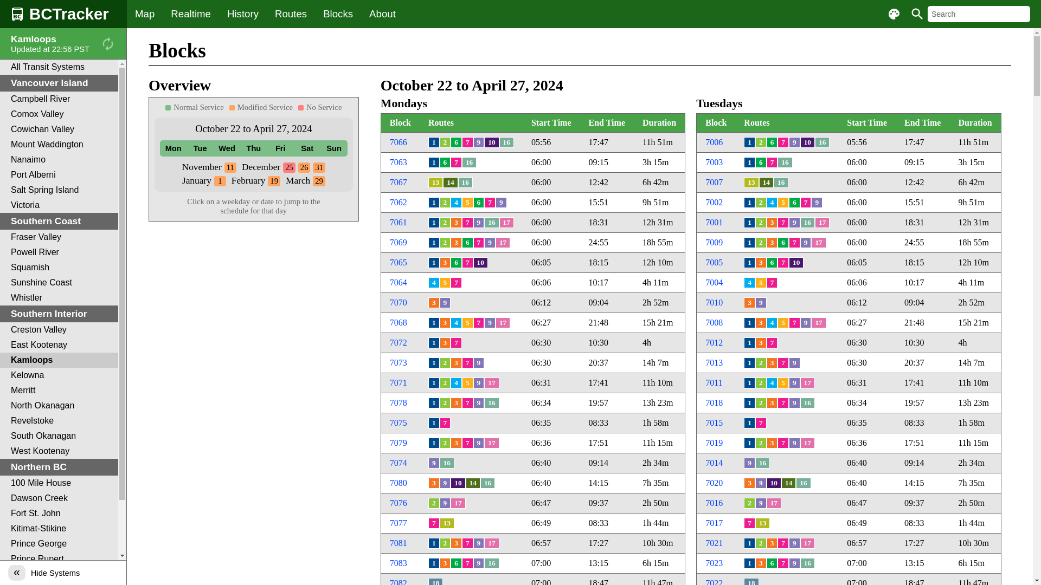 The height and width of the screenshot is (585, 1041). What do you see at coordinates (280, 148) in the screenshot?
I see `'Fri'` at bounding box center [280, 148].